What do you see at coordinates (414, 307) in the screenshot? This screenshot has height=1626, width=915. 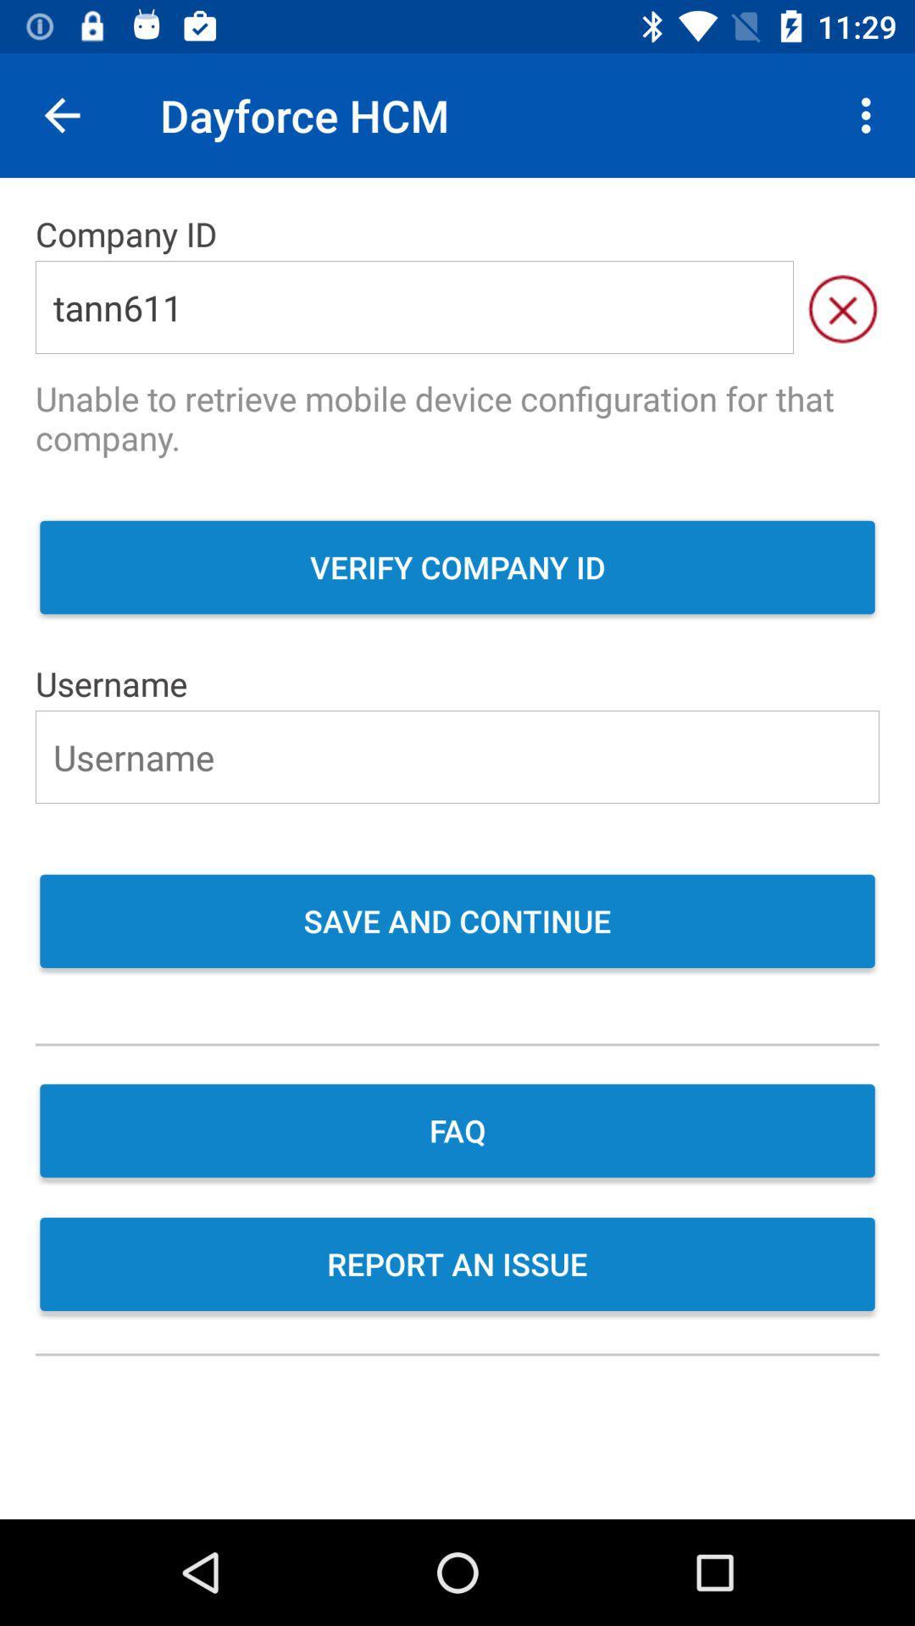 I see `the tann611 item` at bounding box center [414, 307].